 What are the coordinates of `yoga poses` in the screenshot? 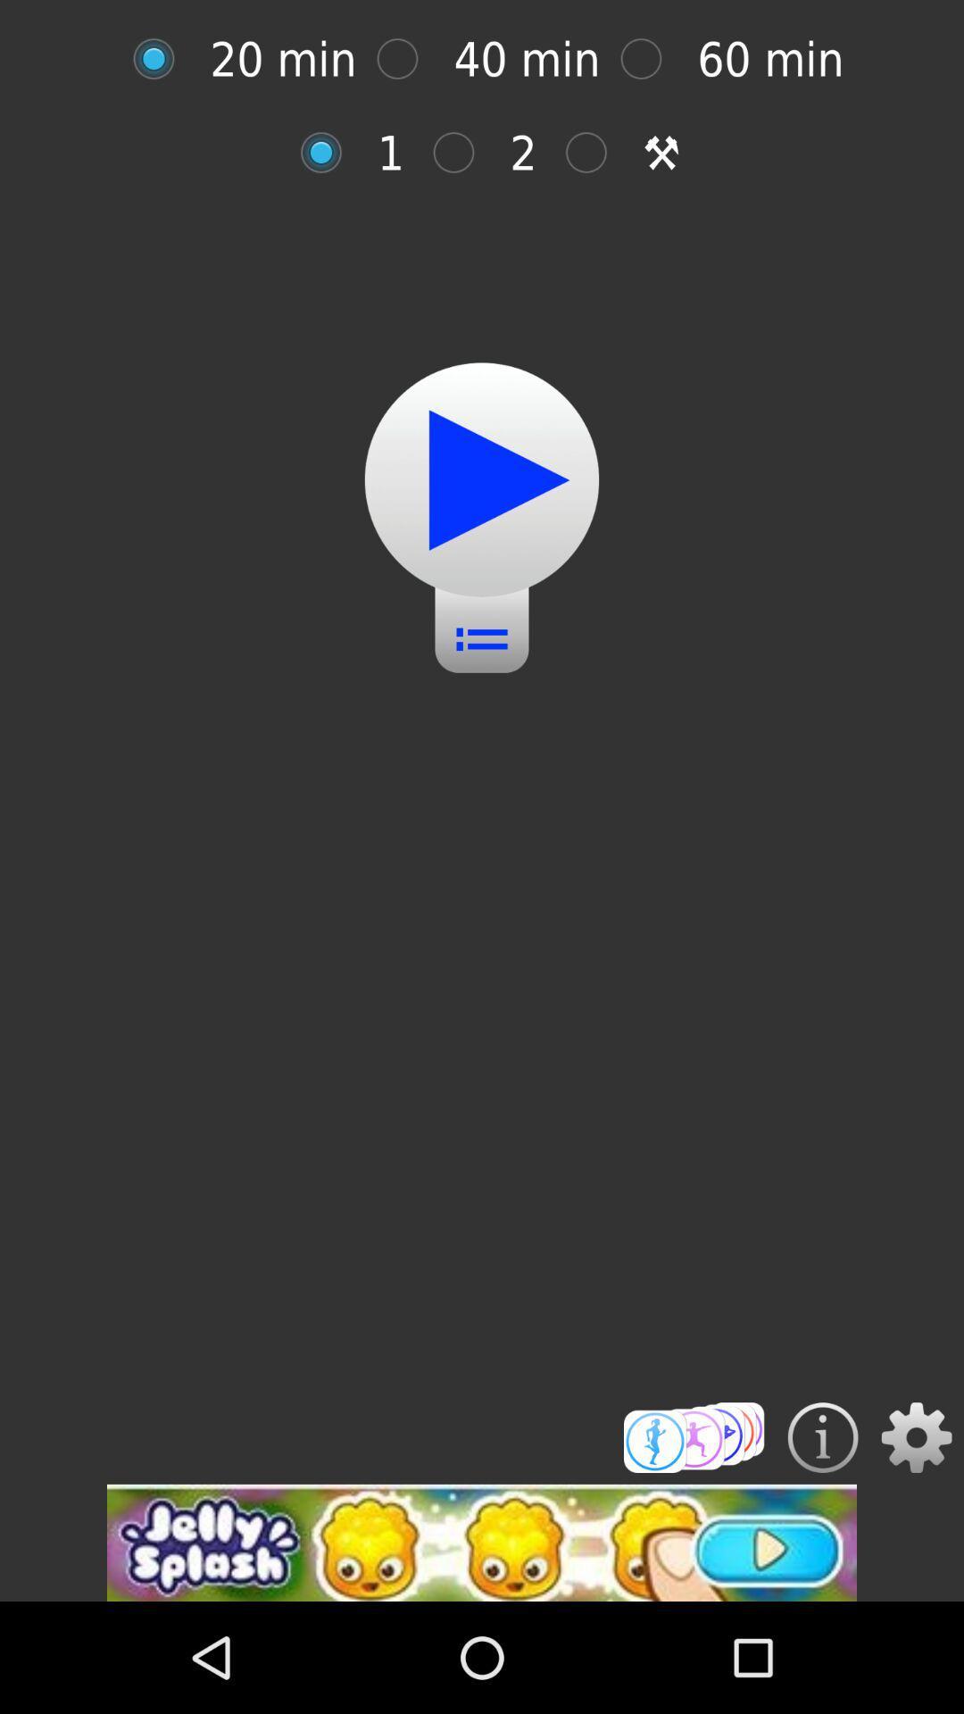 It's located at (693, 1437).